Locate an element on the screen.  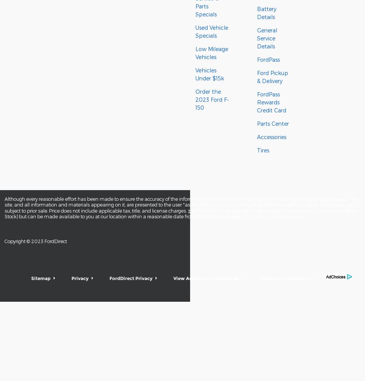
'Ford Pickup & Delivery' is located at coordinates (273, 77).